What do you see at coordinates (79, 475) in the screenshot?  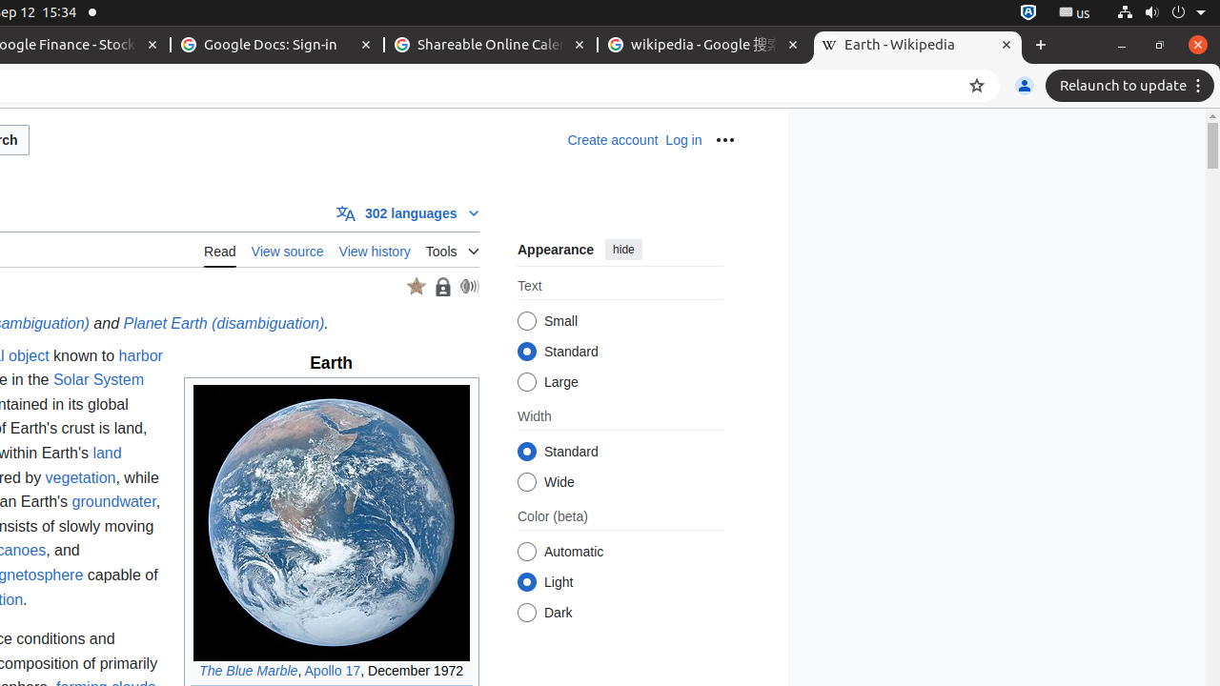 I see `'vegetation'` at bounding box center [79, 475].